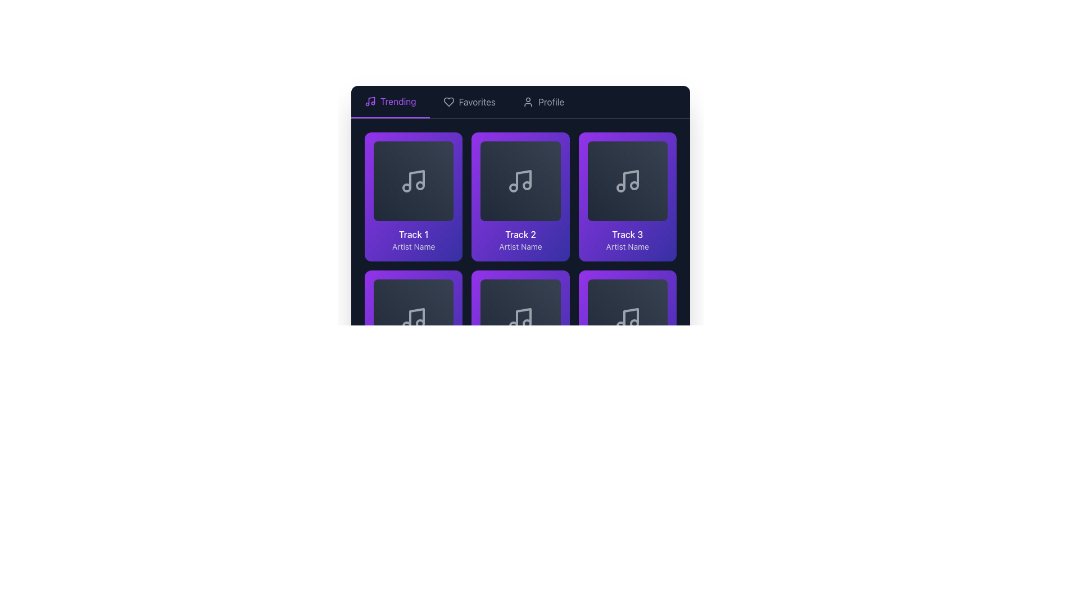 Image resolution: width=1079 pixels, height=606 pixels. Describe the element at coordinates (413, 334) in the screenshot. I see `the Card element representing the musical track for more details about the track, which is the fourth item in a grid layout beneath 'Track 1' and to the left of 'Track 5'` at that location.